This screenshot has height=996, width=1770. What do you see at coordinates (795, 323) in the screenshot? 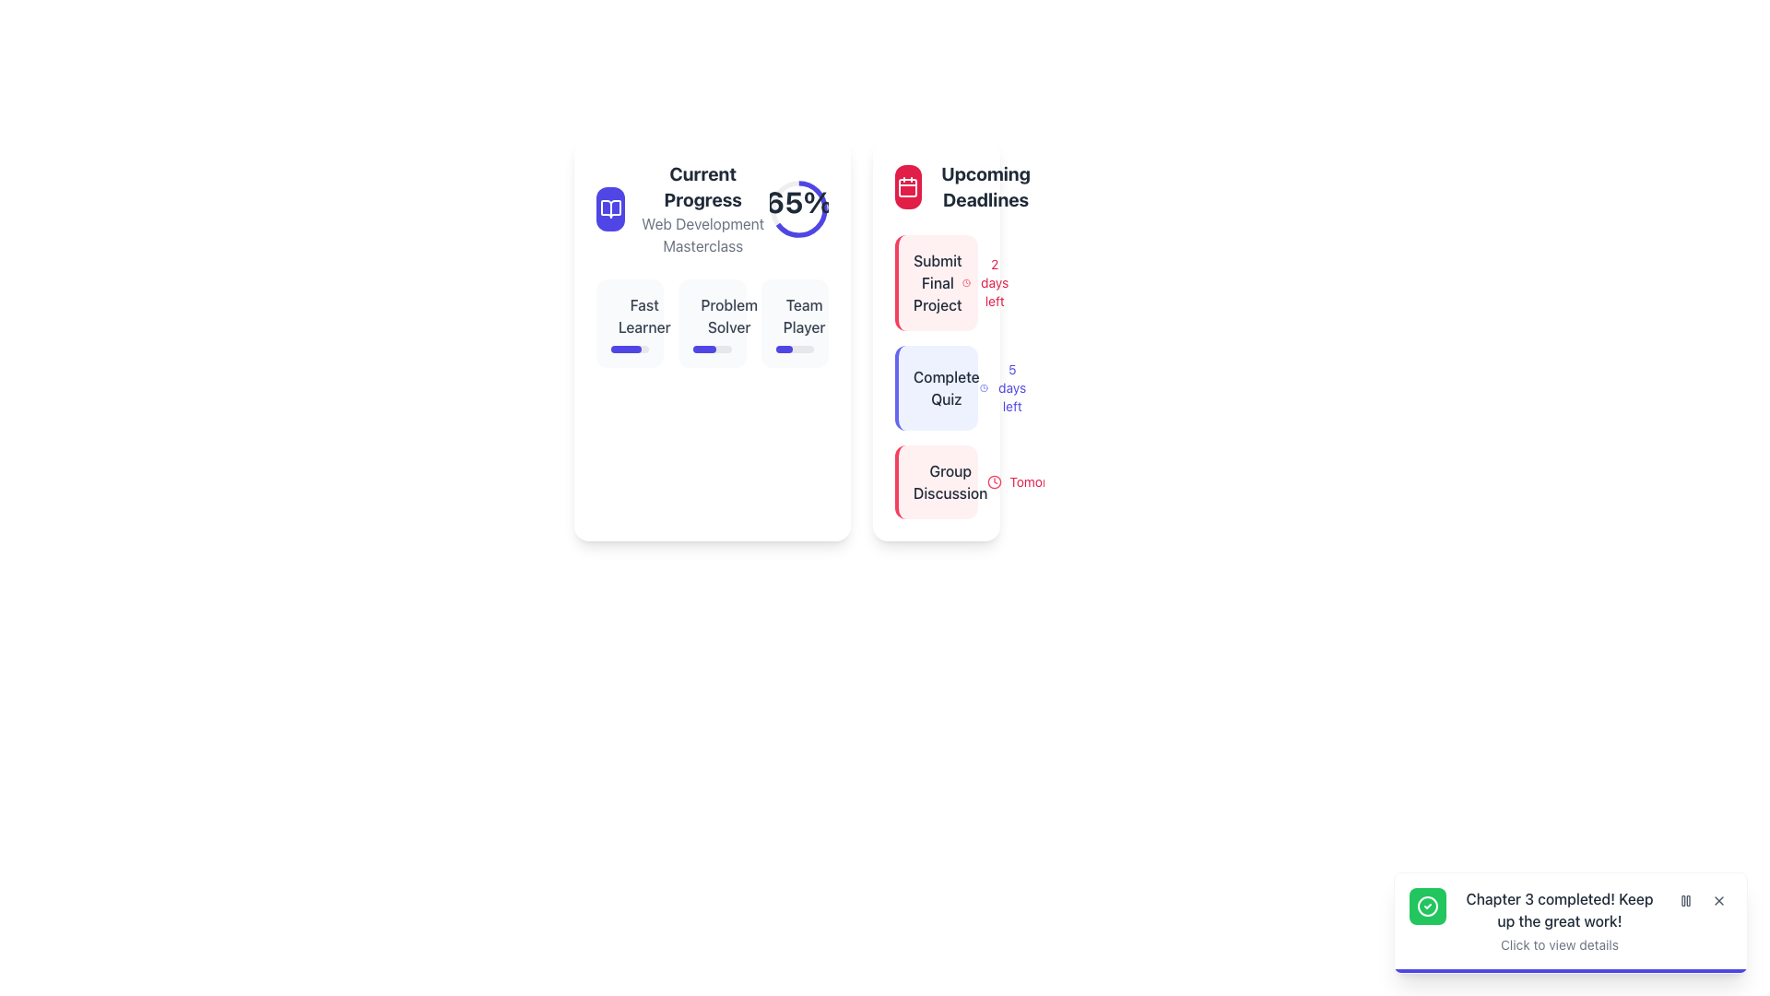
I see `the skill progress card located in the top-center section of the interface, which is the third item in a horizontal group of three cards, positioned between the 'Problem Solver' card and the surrounding white space` at bounding box center [795, 323].